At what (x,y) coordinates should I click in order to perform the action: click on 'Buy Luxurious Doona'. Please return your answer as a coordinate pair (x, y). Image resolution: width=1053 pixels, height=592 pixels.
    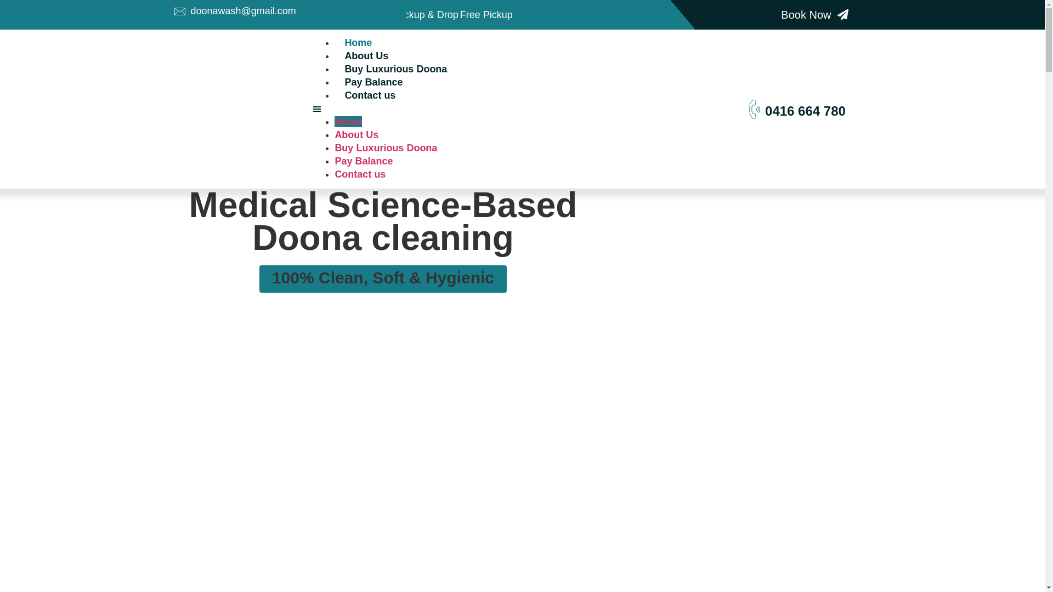
    Looking at the image, I should click on (395, 69).